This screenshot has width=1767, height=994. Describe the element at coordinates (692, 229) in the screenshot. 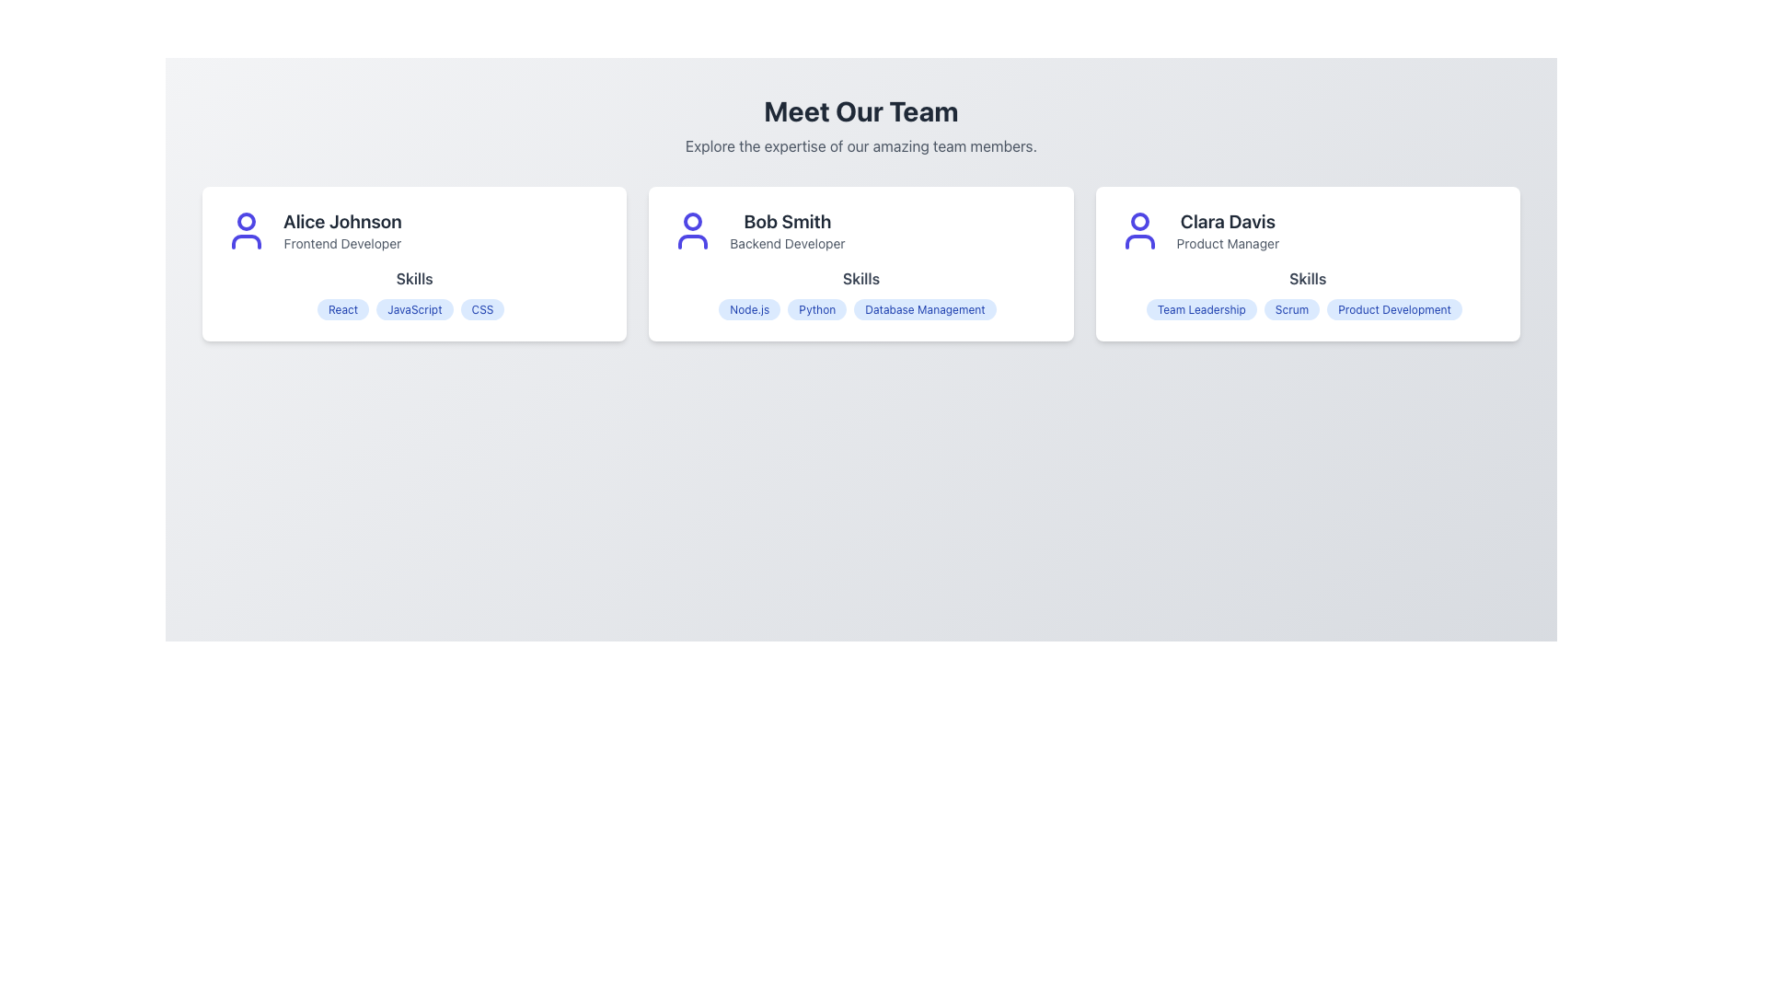

I see `the user profile icon, which is a vibrant indigo silhouette of a user avatar, located towards the left side of the section labeled 'Bob Smith Backend Developer'` at that location.